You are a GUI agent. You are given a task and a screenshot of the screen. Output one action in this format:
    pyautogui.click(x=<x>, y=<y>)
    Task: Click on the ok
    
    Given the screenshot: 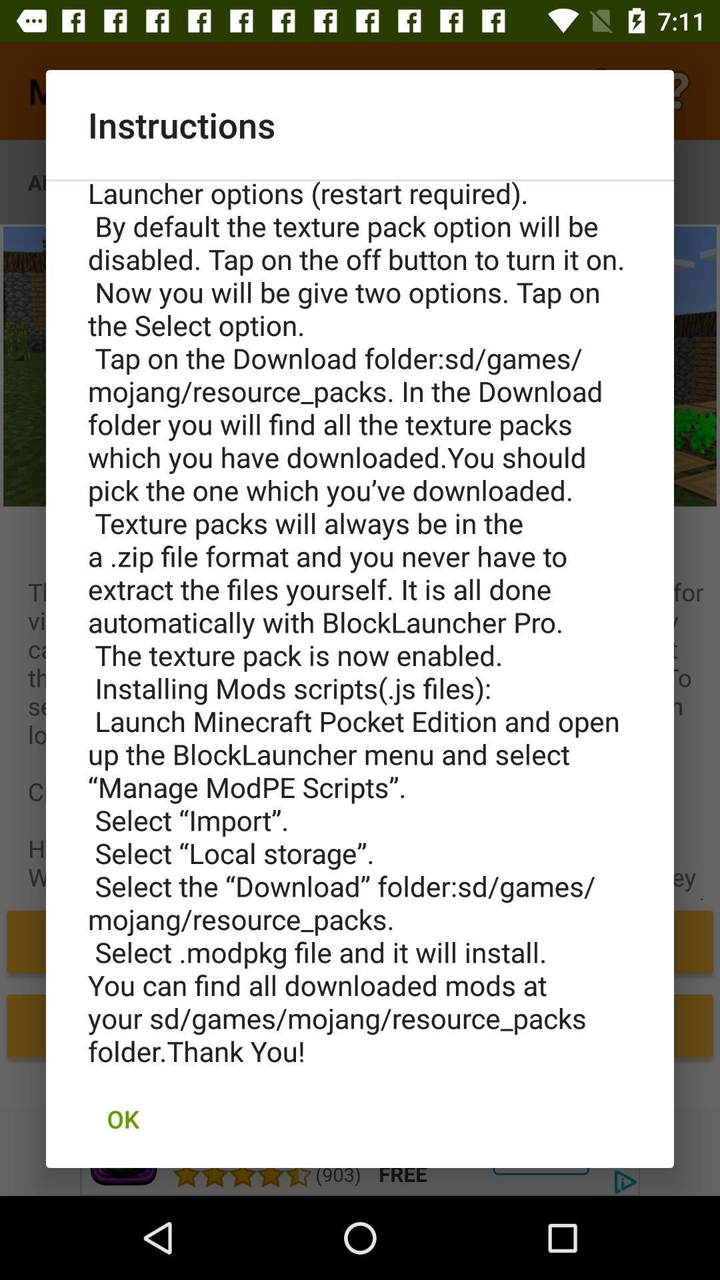 What is the action you would take?
    pyautogui.click(x=123, y=1119)
    